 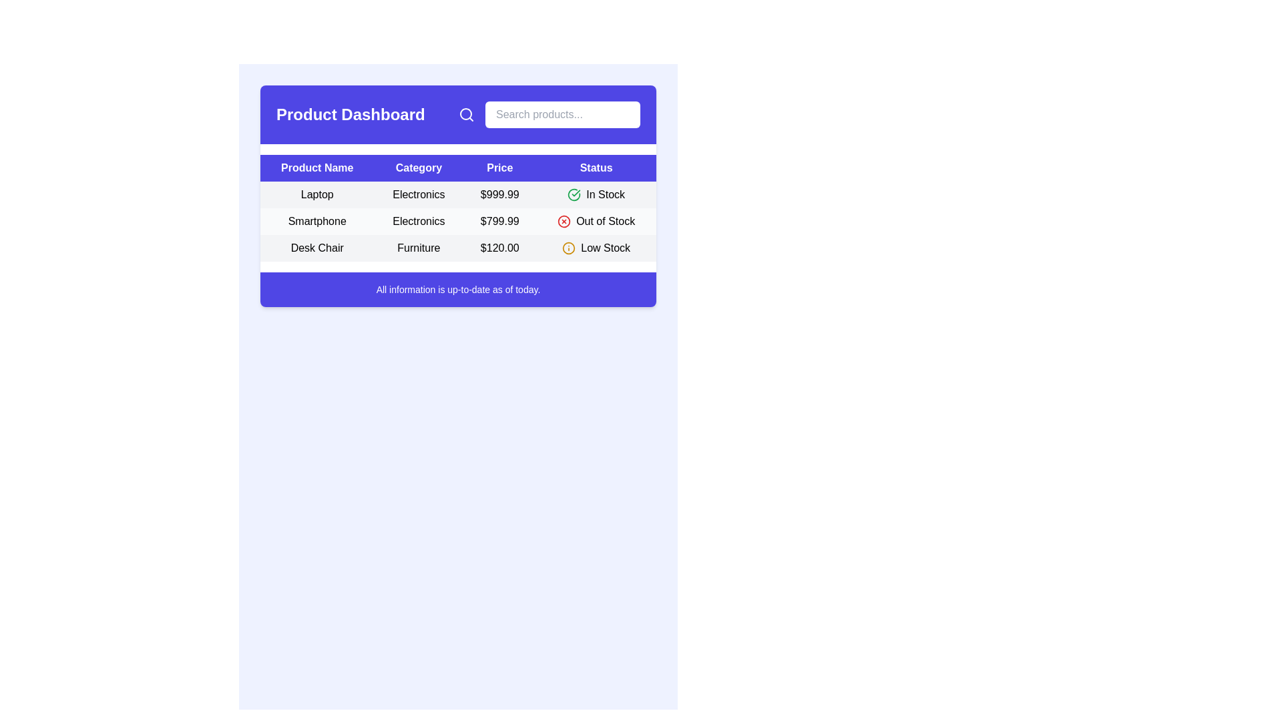 I want to click on the search icon located in the top-right section of the 'Product Dashboard' card, so click(x=467, y=114).